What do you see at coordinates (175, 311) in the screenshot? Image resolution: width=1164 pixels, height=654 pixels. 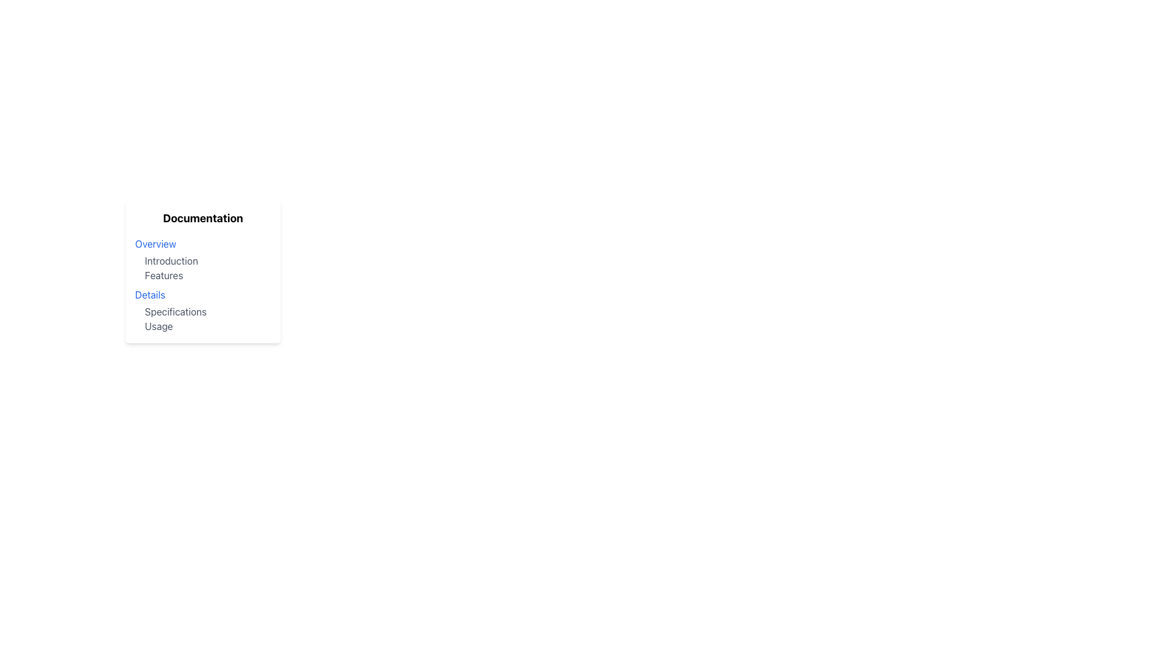 I see `the blue underlined text link labeled 'Specifications' located under the 'Details' heading in the vertical menu structure` at bounding box center [175, 311].